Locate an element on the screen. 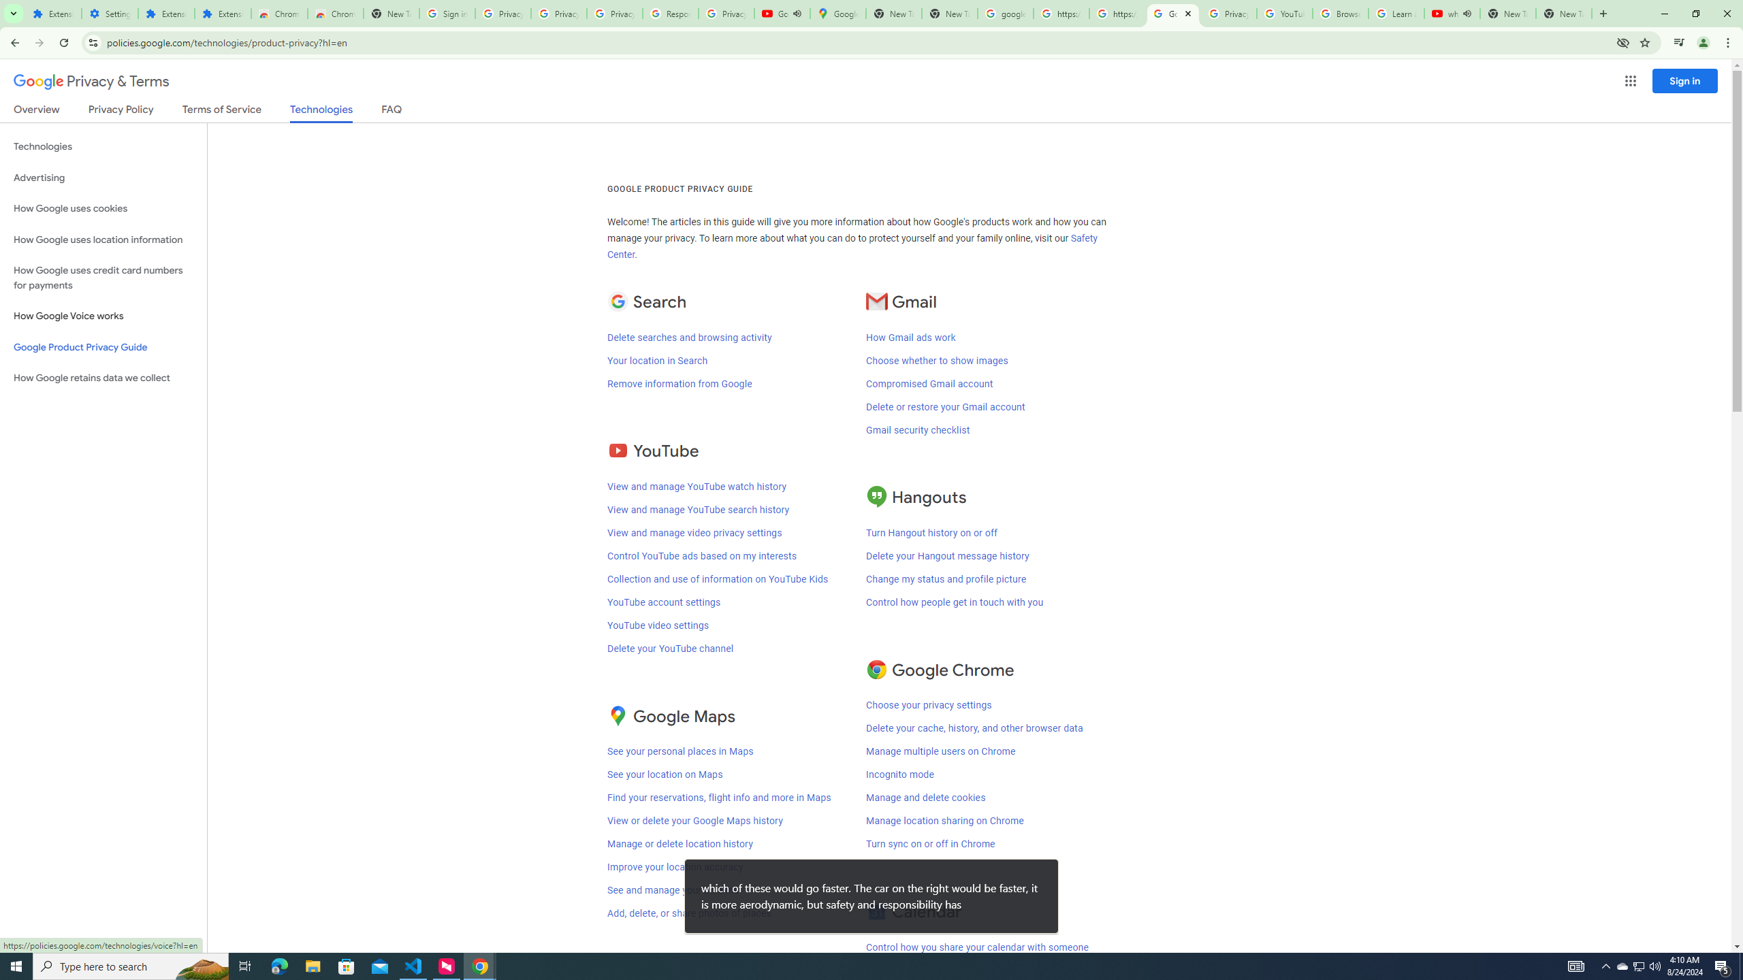 The height and width of the screenshot is (980, 1743). 'How Google retains data we collect' is located at coordinates (103, 378).